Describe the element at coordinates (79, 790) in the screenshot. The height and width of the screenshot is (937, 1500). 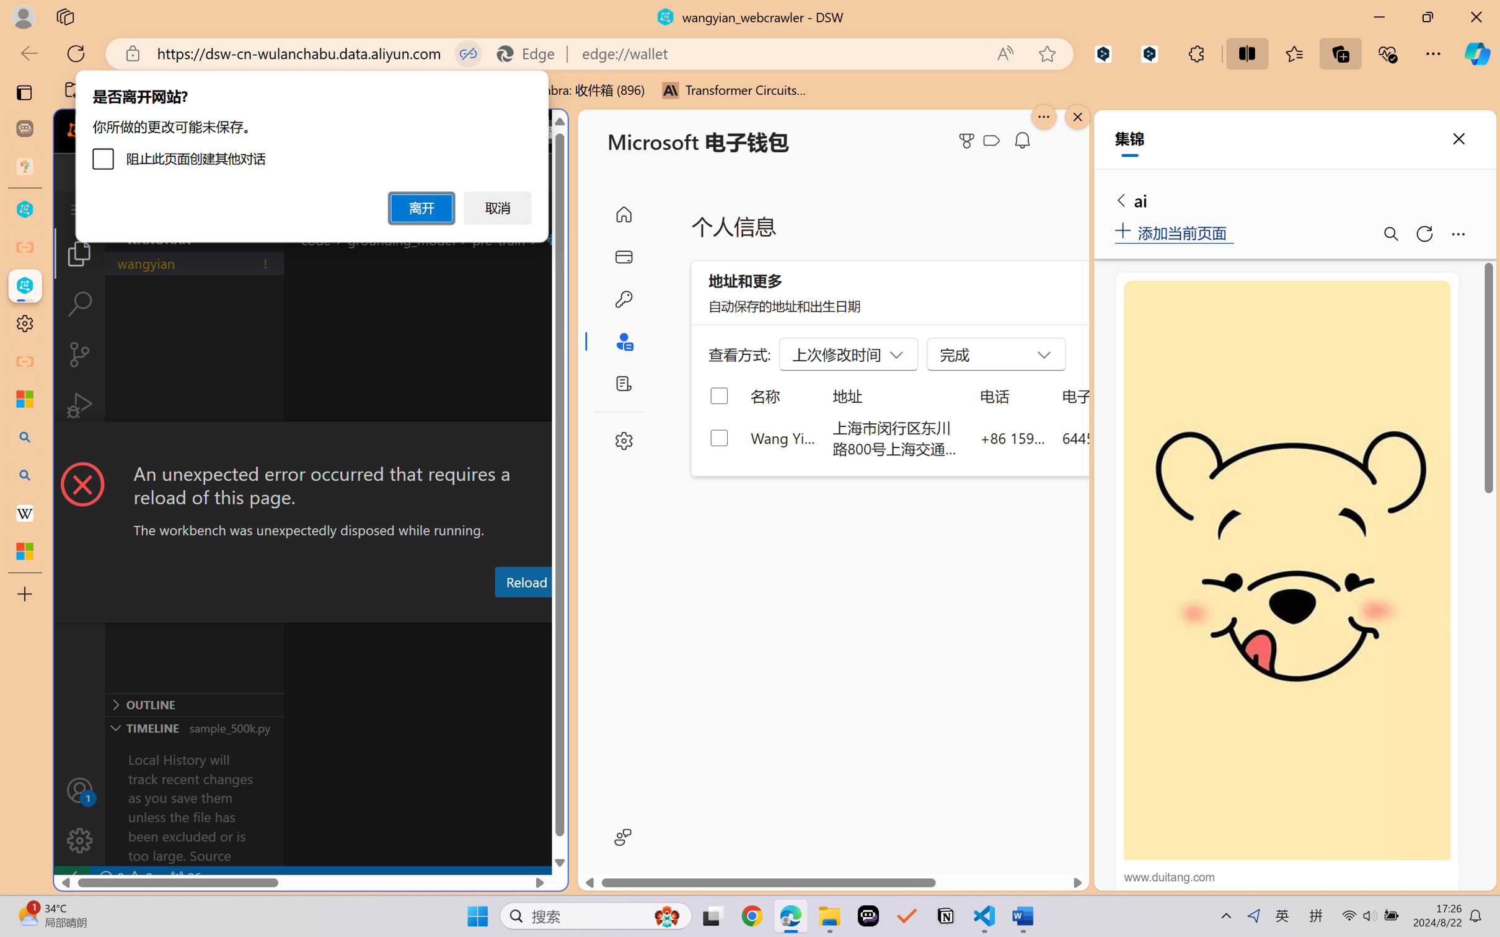
I see `'Accounts - Sign in requested'` at that location.